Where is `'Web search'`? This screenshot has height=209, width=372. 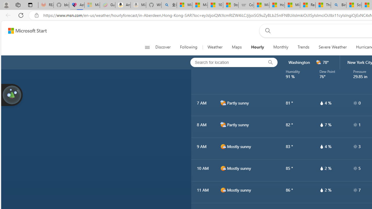
'Web search' is located at coordinates (266, 30).